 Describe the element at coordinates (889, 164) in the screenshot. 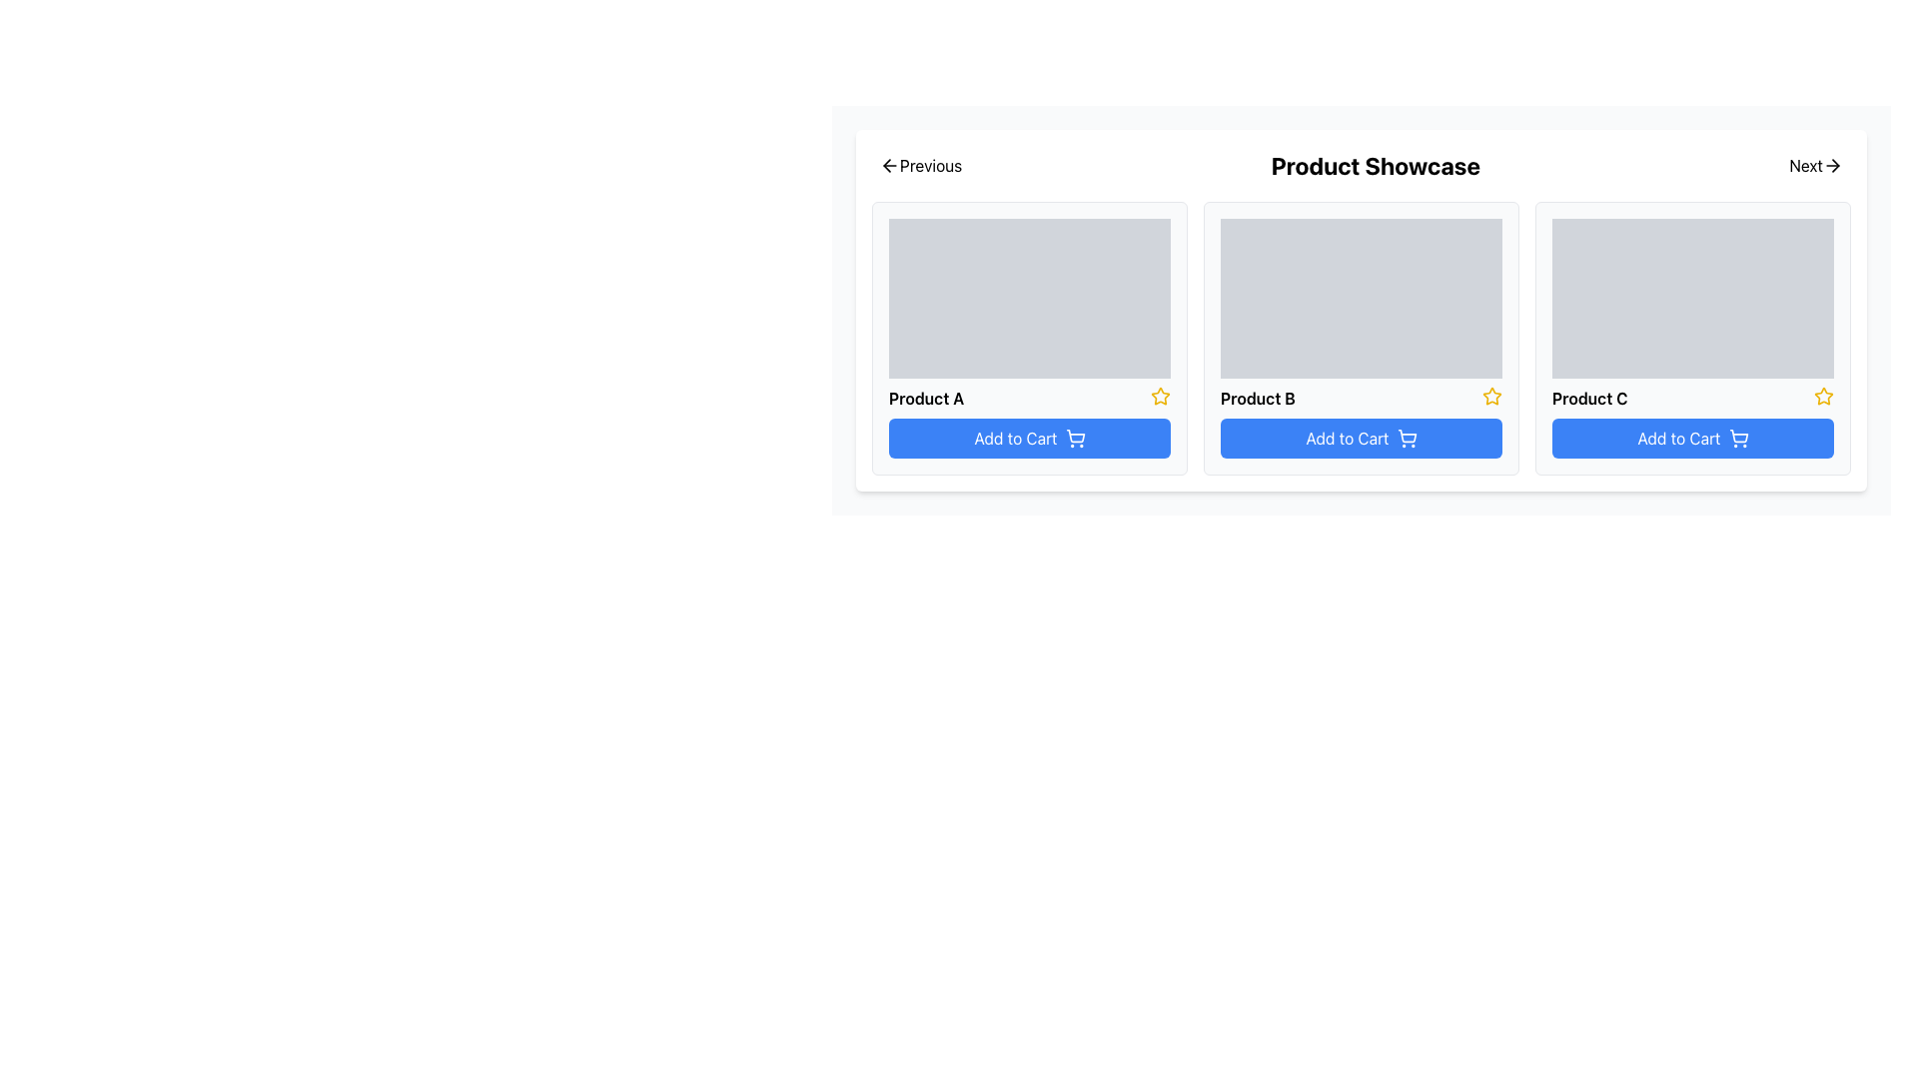

I see `the 'Previous' navigation icon located in the upper-left corner of the interface` at that location.